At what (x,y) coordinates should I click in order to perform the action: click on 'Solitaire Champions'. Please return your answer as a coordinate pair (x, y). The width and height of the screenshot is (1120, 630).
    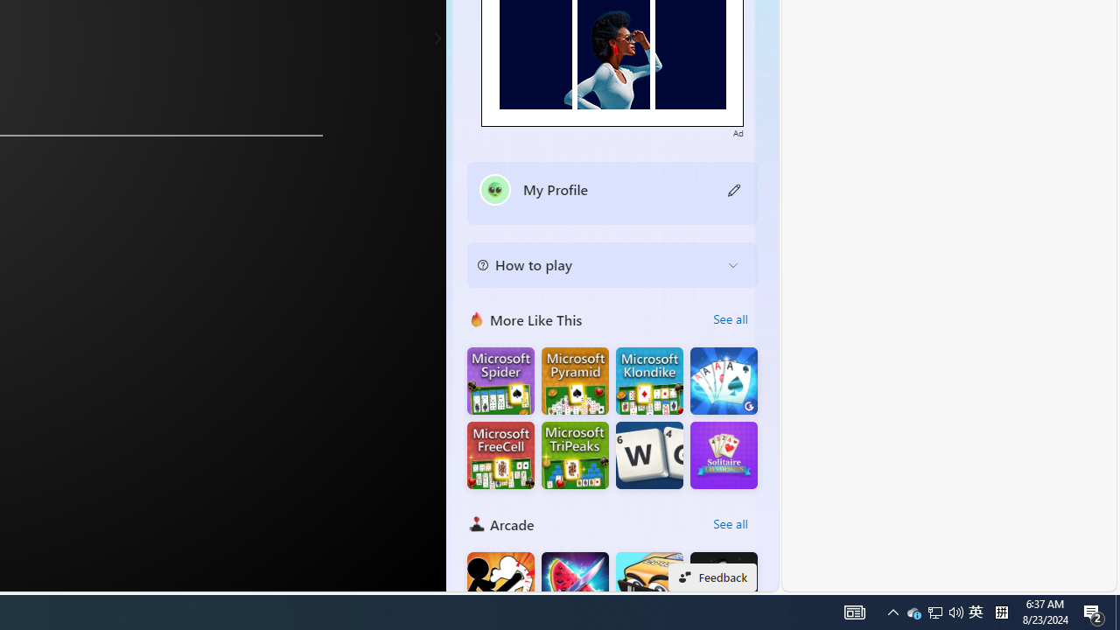
    Looking at the image, I should click on (724, 454).